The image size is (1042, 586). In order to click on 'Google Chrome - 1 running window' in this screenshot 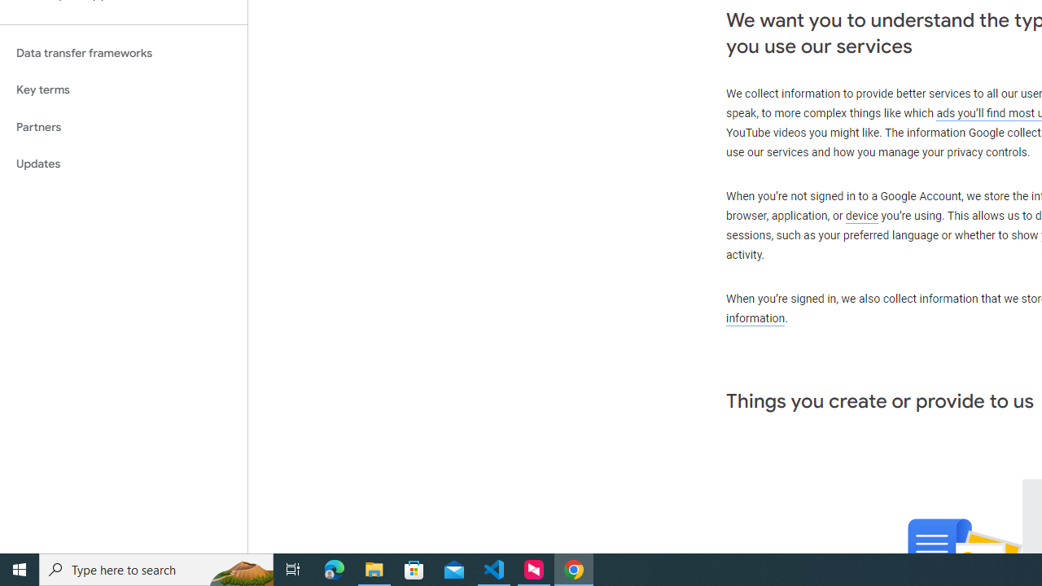, I will do `click(574, 568)`.